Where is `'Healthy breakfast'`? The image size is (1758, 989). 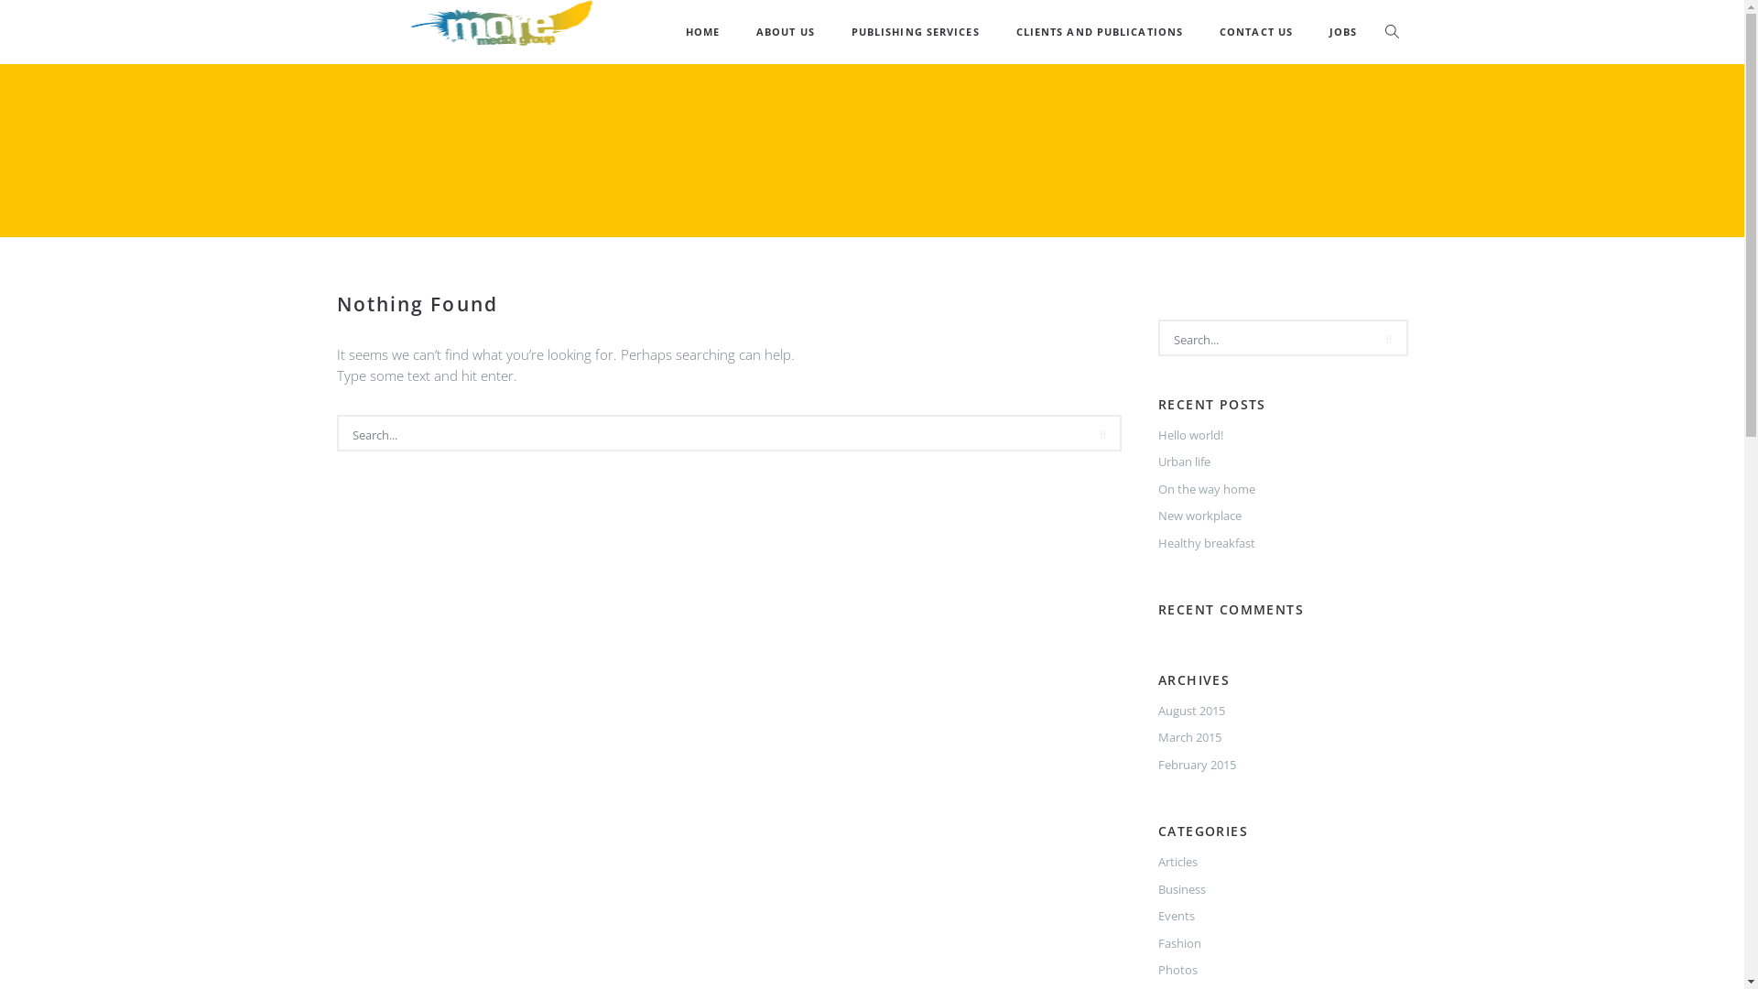
'Healthy breakfast' is located at coordinates (1157, 542).